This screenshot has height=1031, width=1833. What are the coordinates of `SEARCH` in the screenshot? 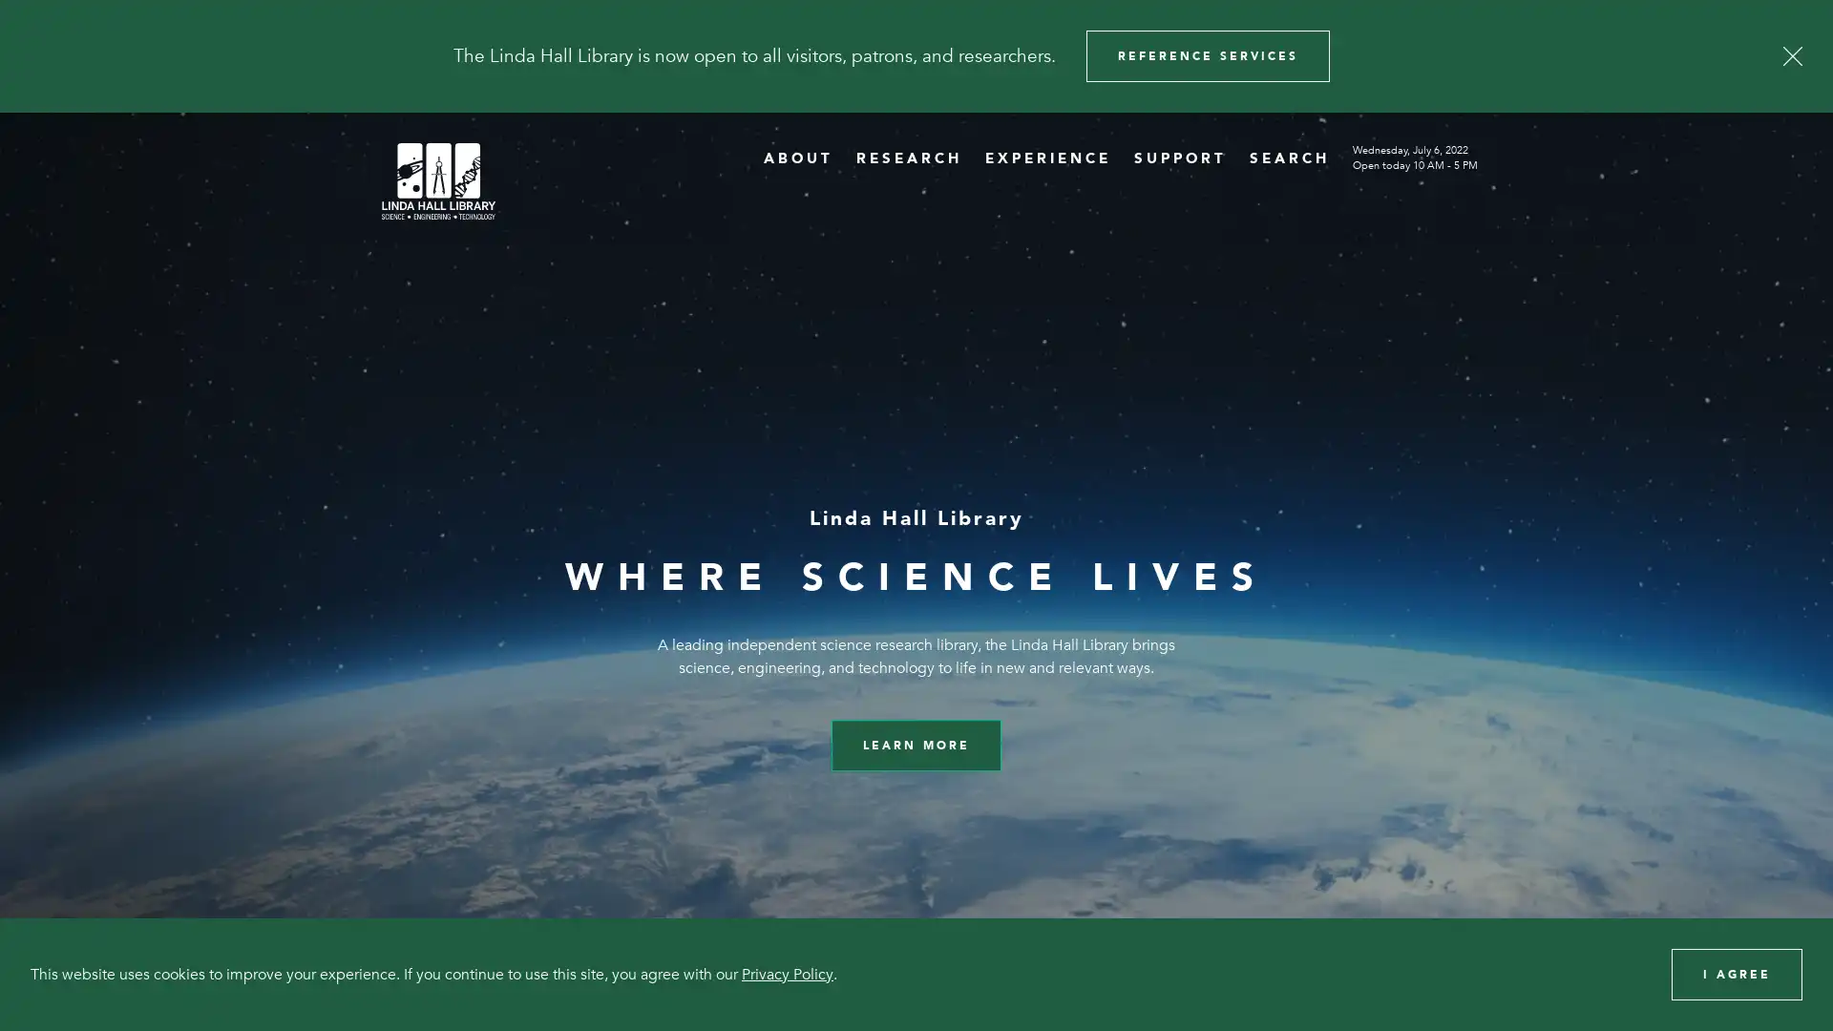 It's located at (1289, 157).